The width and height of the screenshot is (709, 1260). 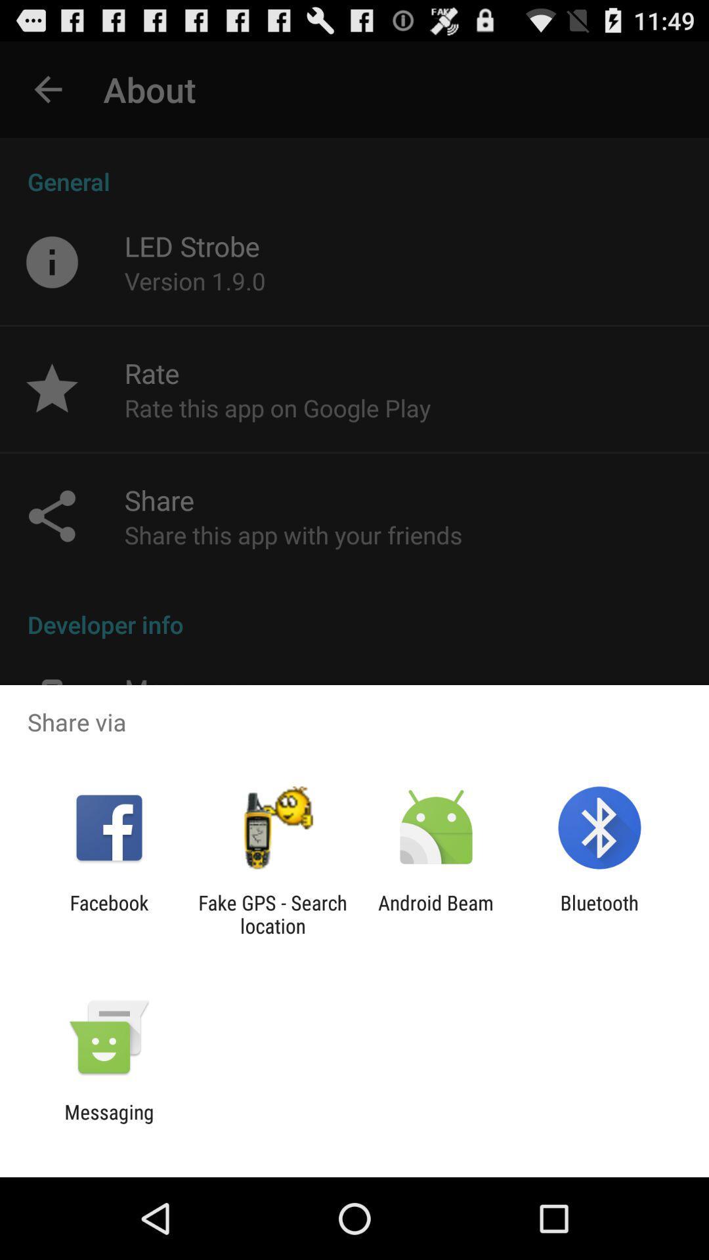 I want to click on the fake gps search icon, so click(x=272, y=913).